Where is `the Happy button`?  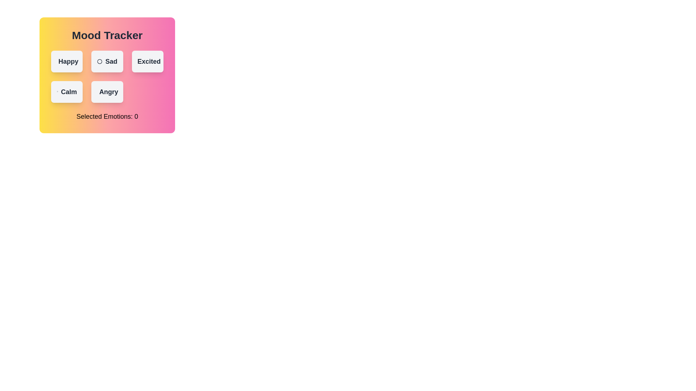
the Happy button is located at coordinates (66, 61).